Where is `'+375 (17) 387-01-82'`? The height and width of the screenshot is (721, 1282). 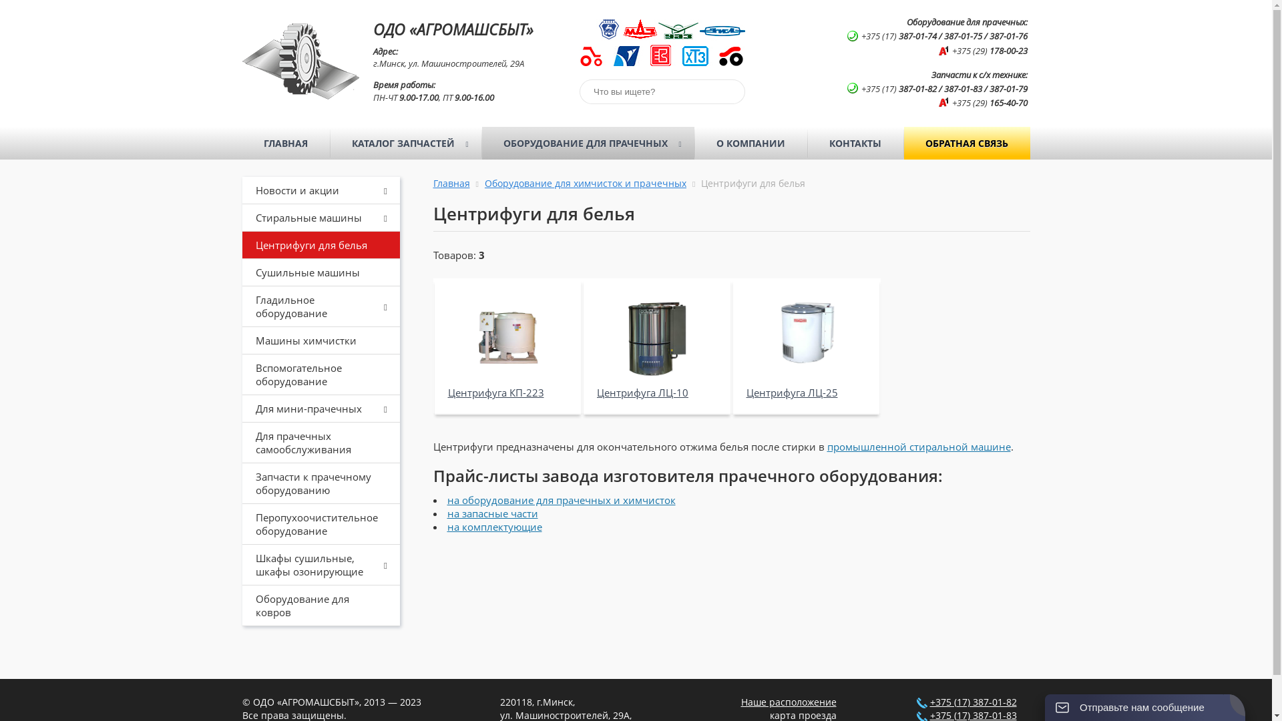 '+375 (17) 387-01-82' is located at coordinates (973, 702).